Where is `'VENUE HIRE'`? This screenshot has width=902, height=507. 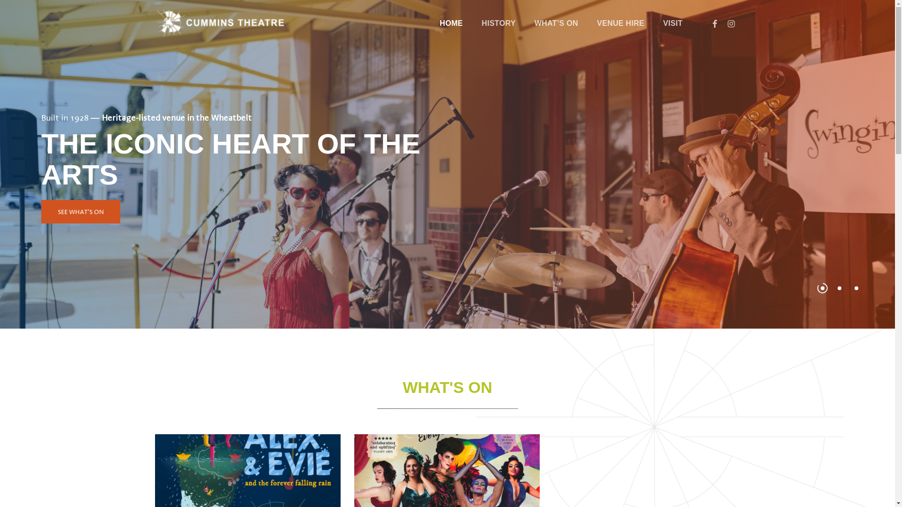 'VENUE HIRE' is located at coordinates (587, 23).